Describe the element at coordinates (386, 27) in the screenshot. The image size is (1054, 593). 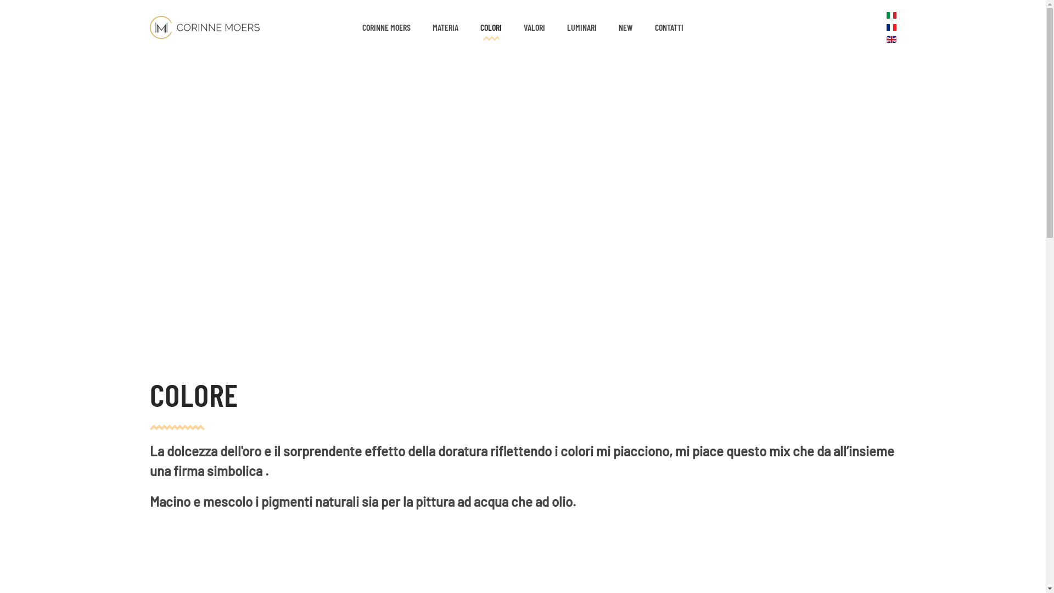
I see `'CORINNE MOERS'` at that location.